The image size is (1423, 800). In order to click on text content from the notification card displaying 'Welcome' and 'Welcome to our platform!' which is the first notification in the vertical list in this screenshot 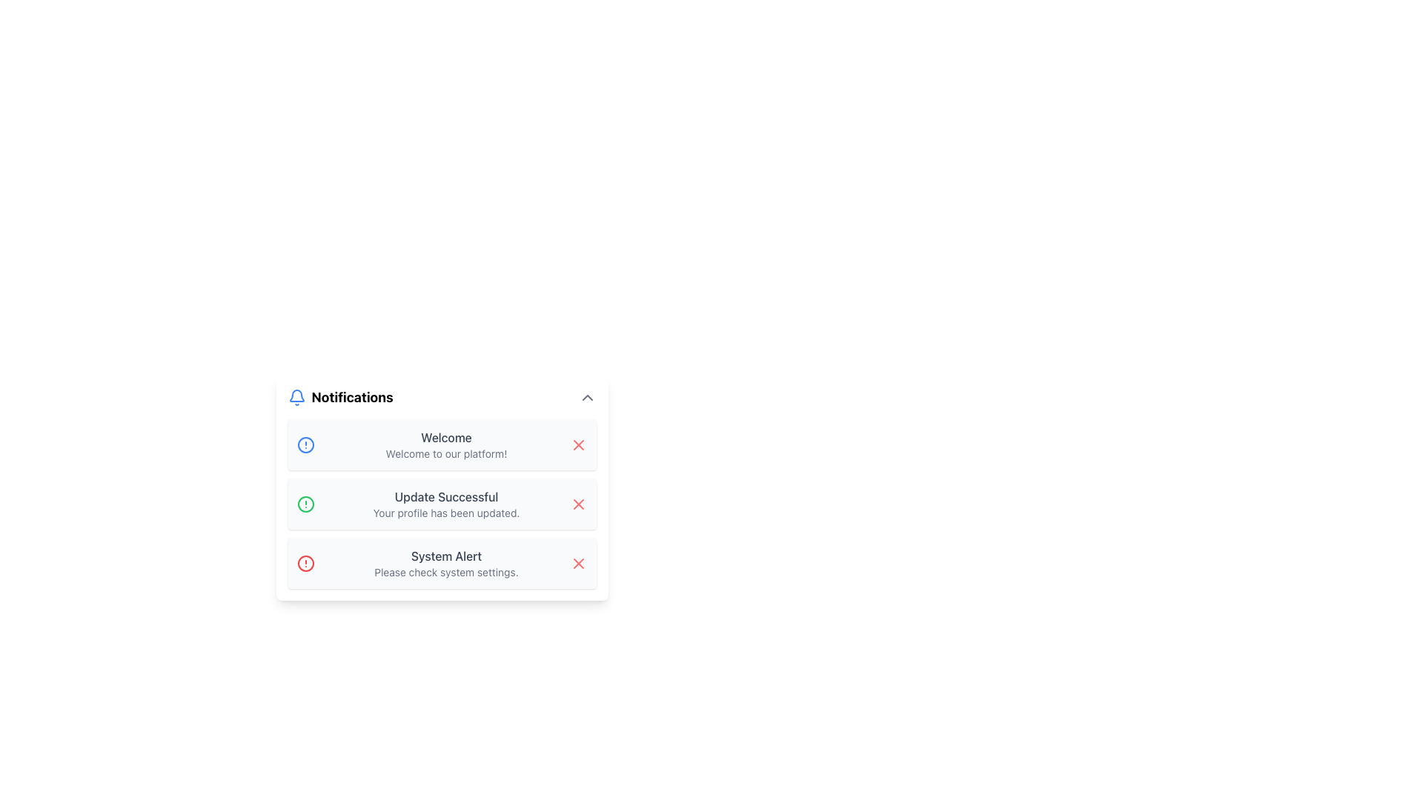, I will do `click(445, 444)`.